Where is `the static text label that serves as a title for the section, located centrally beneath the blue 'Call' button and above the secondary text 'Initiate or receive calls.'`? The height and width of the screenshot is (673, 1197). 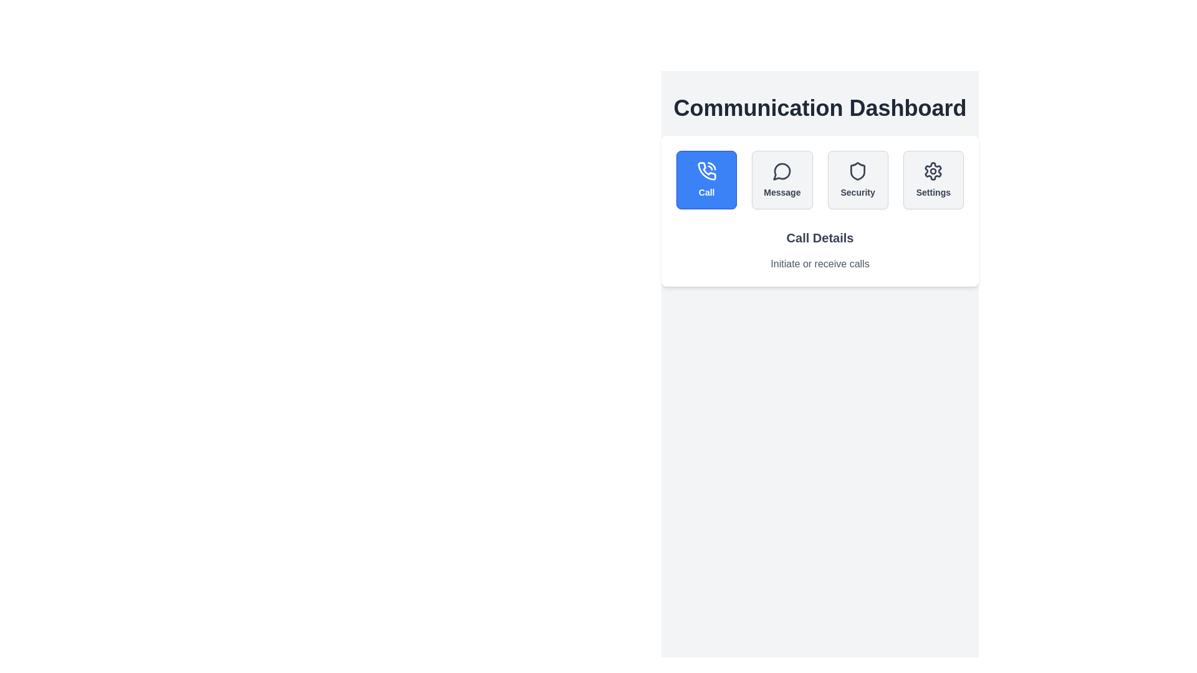
the static text label that serves as a title for the section, located centrally beneath the blue 'Call' button and above the secondary text 'Initiate or receive calls.' is located at coordinates (820, 237).